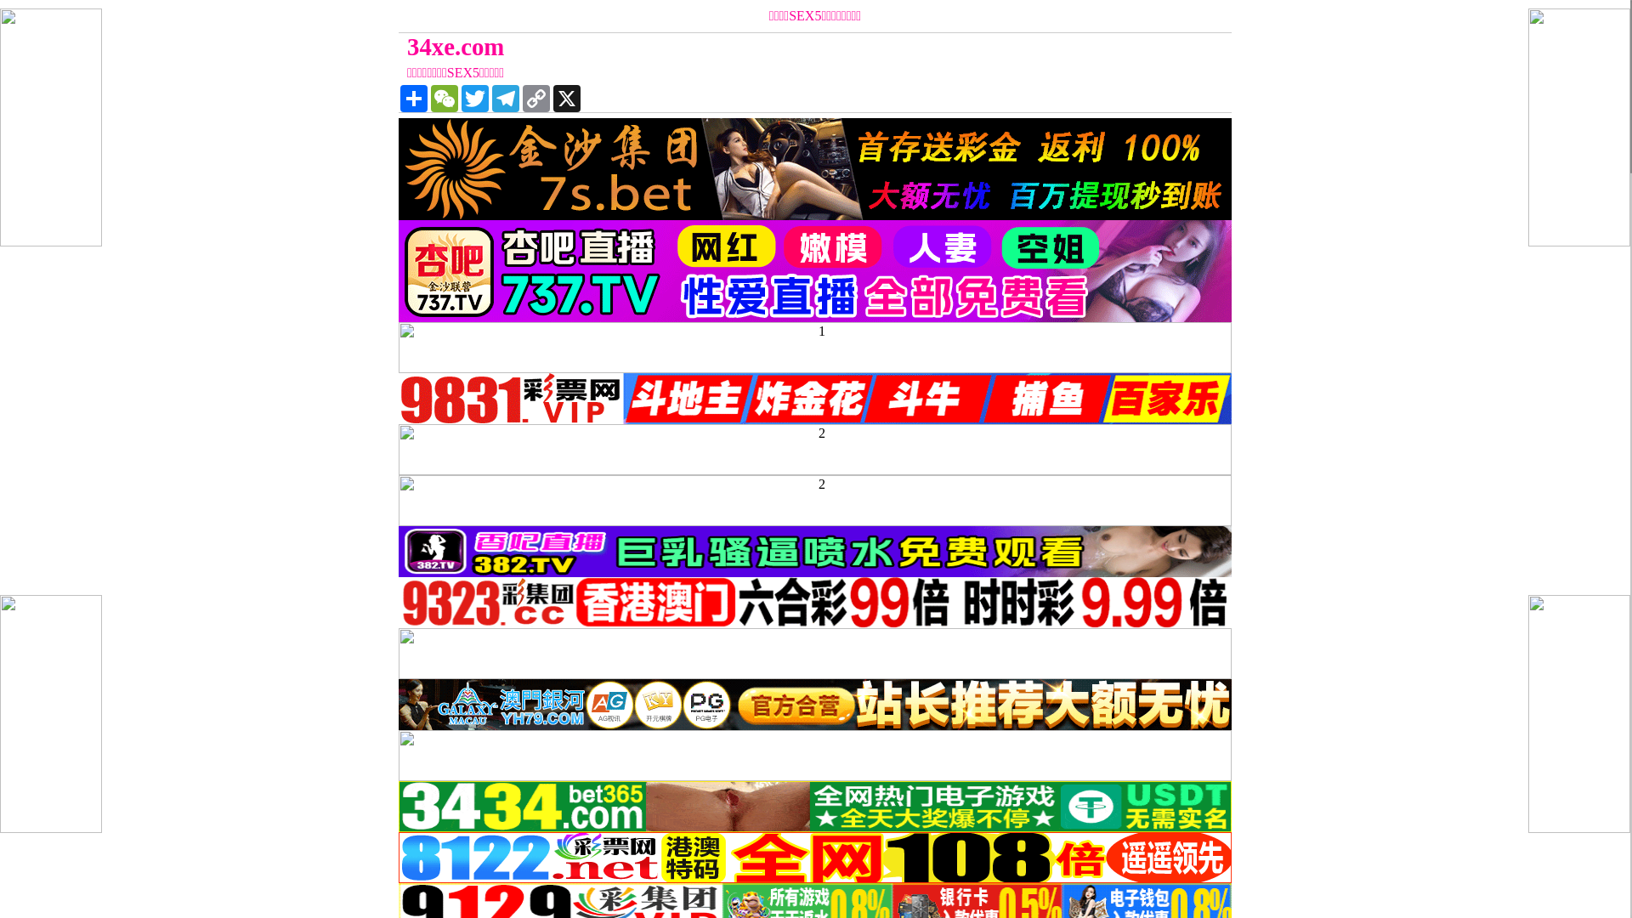 The image size is (1632, 918). Describe the element at coordinates (428, 98) in the screenshot. I see `'WeChat'` at that location.